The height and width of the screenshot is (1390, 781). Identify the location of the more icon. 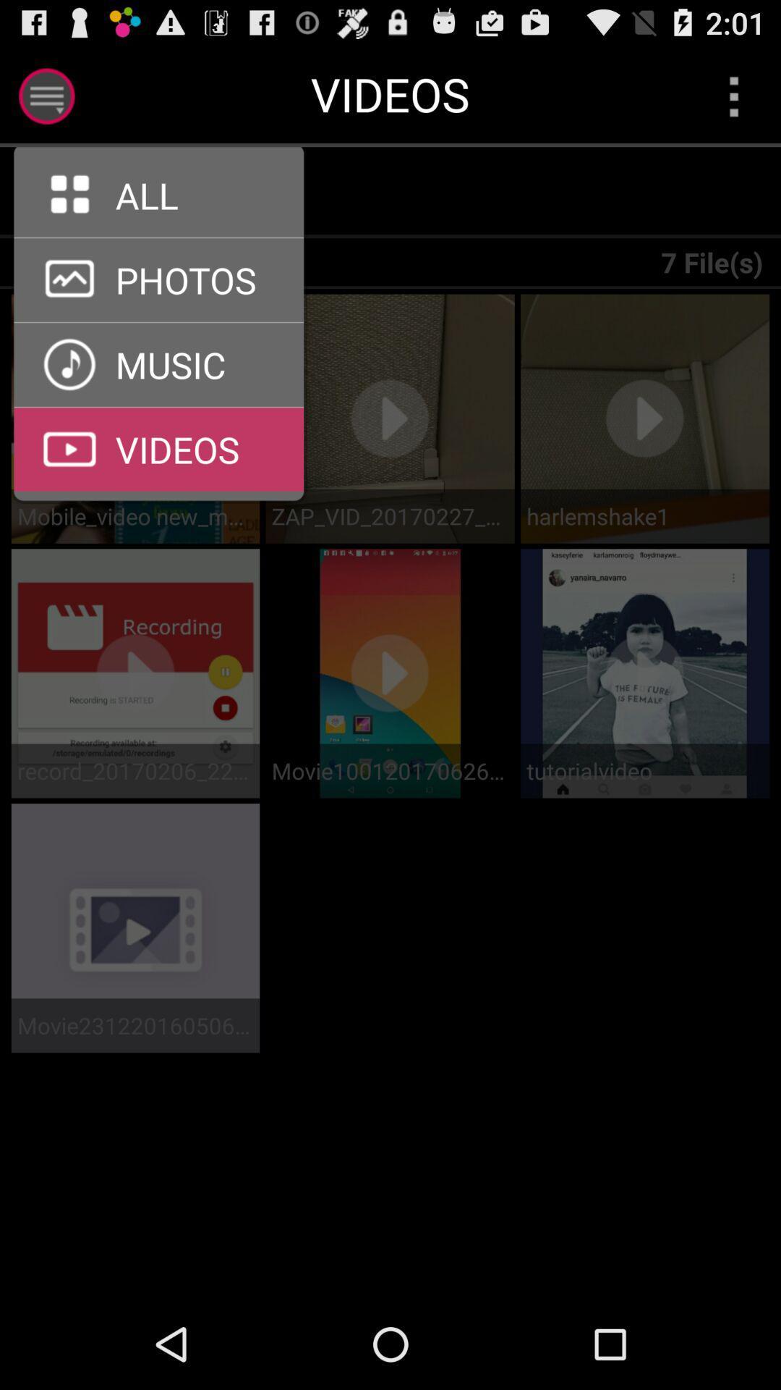
(734, 102).